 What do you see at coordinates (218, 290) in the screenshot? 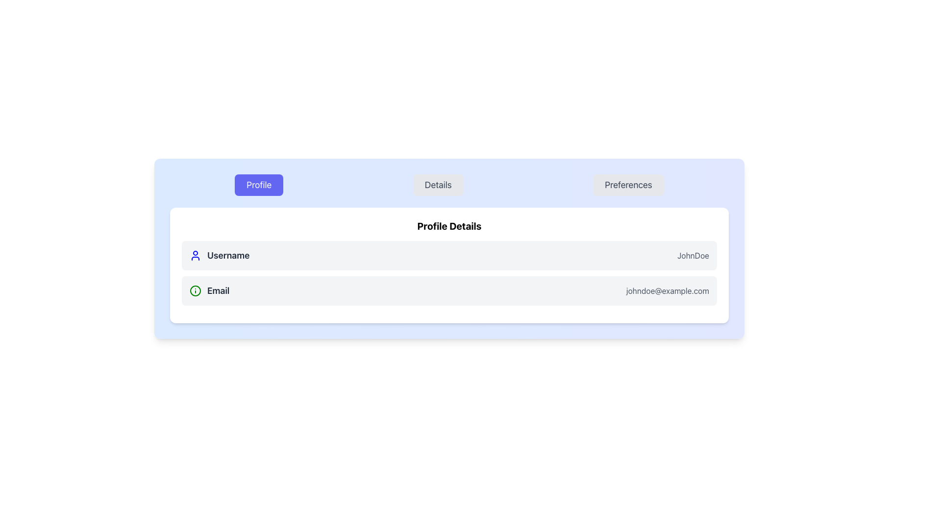
I see `the text label displaying 'Email', which is styled with a bold font weight and dark gray color, located in the details section under the email icon` at bounding box center [218, 290].